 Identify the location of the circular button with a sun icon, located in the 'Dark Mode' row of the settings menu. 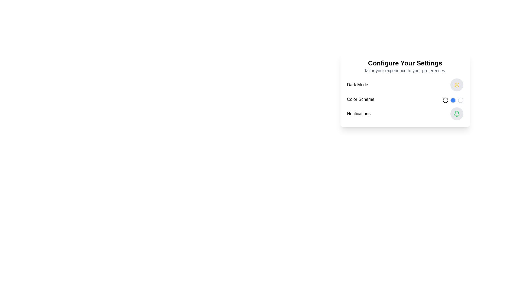
(456, 85).